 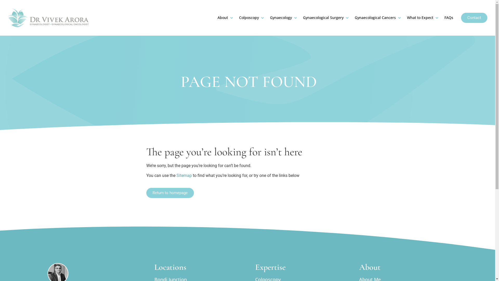 I want to click on 'What to Expect', so click(x=420, y=17).